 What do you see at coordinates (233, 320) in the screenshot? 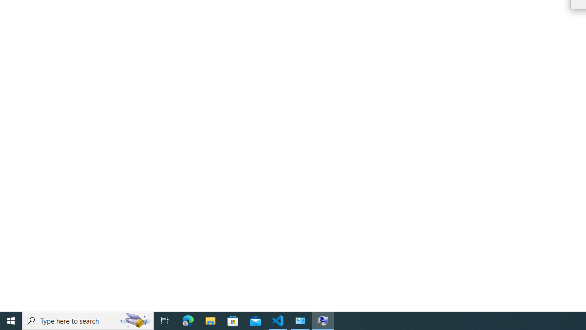
I see `'Microsoft Store'` at bounding box center [233, 320].